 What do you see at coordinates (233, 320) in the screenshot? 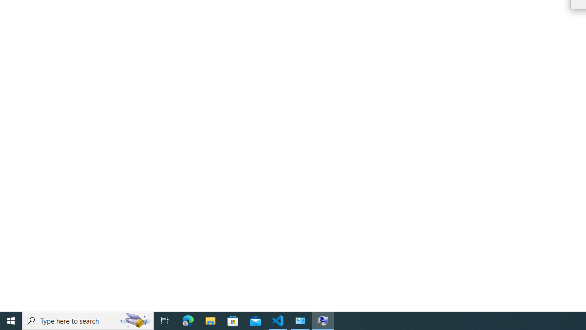
I see `'Microsoft Store'` at bounding box center [233, 320].